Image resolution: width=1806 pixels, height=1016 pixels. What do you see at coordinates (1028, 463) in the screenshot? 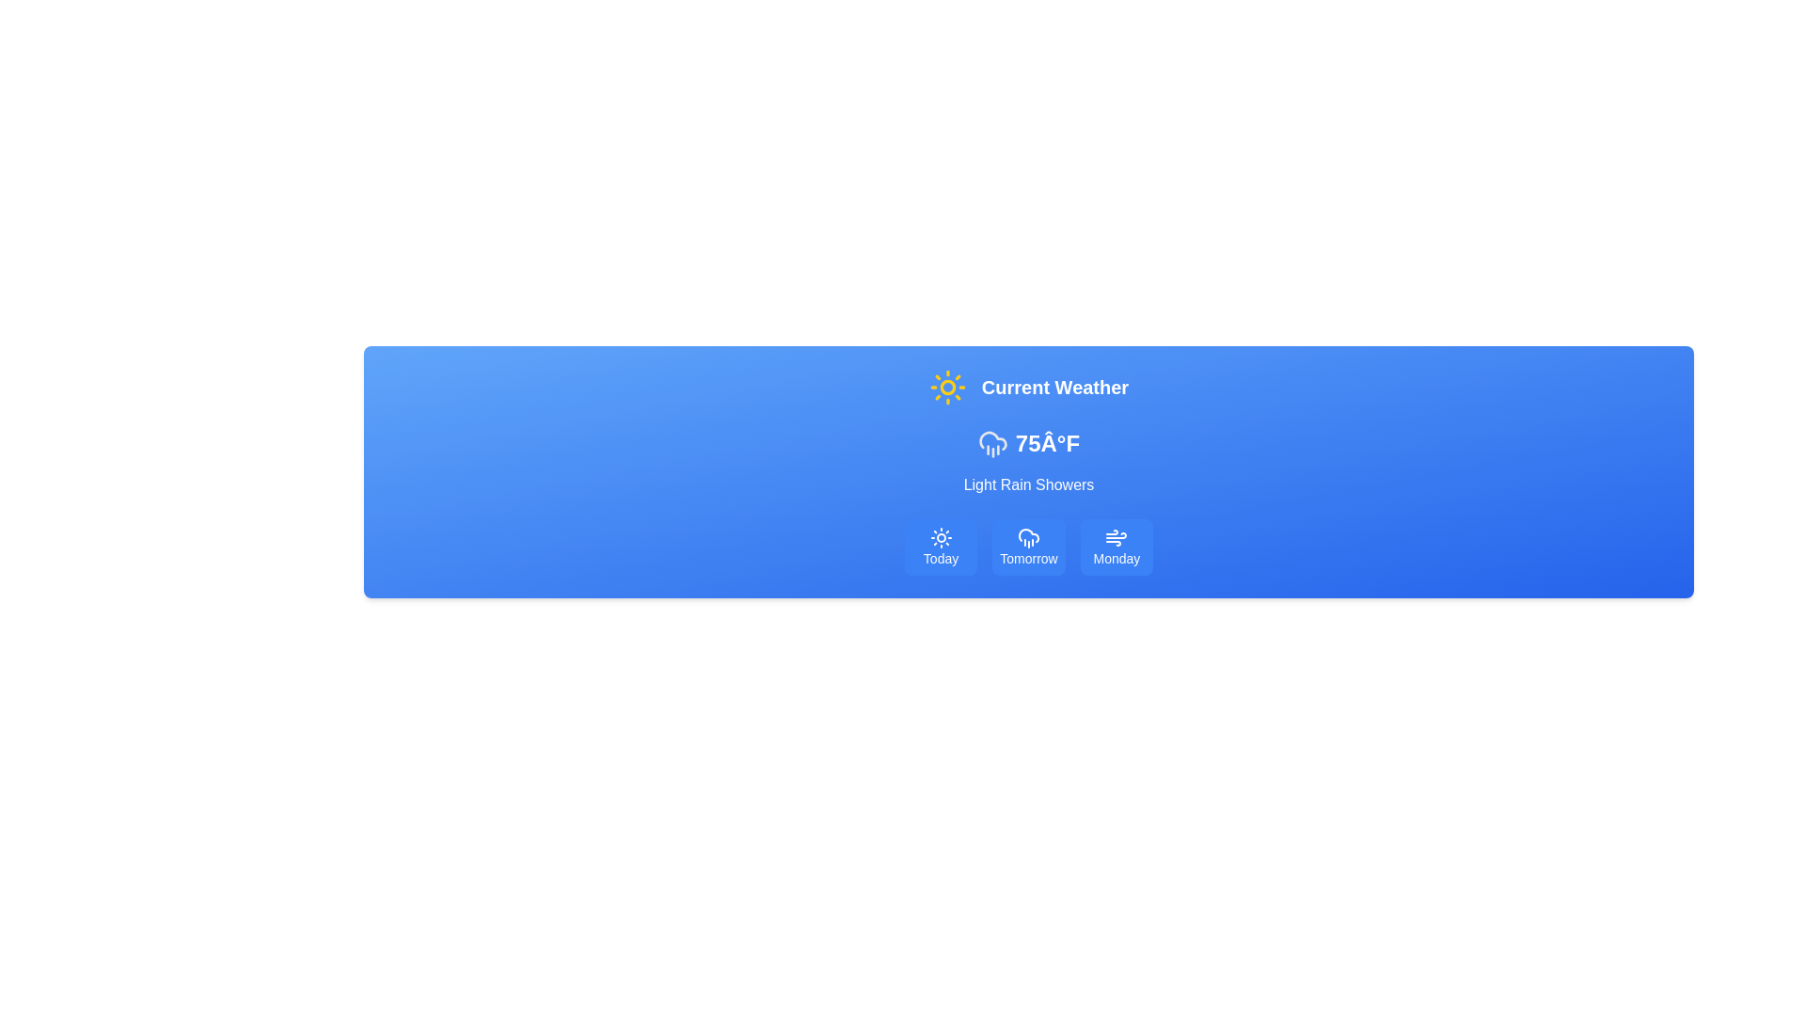
I see `weather information displayed in the composite weather display element located below the main title 'Current Weather' and above the buttons 'Today', 'Tomorrow', and 'Monday'` at bounding box center [1028, 463].